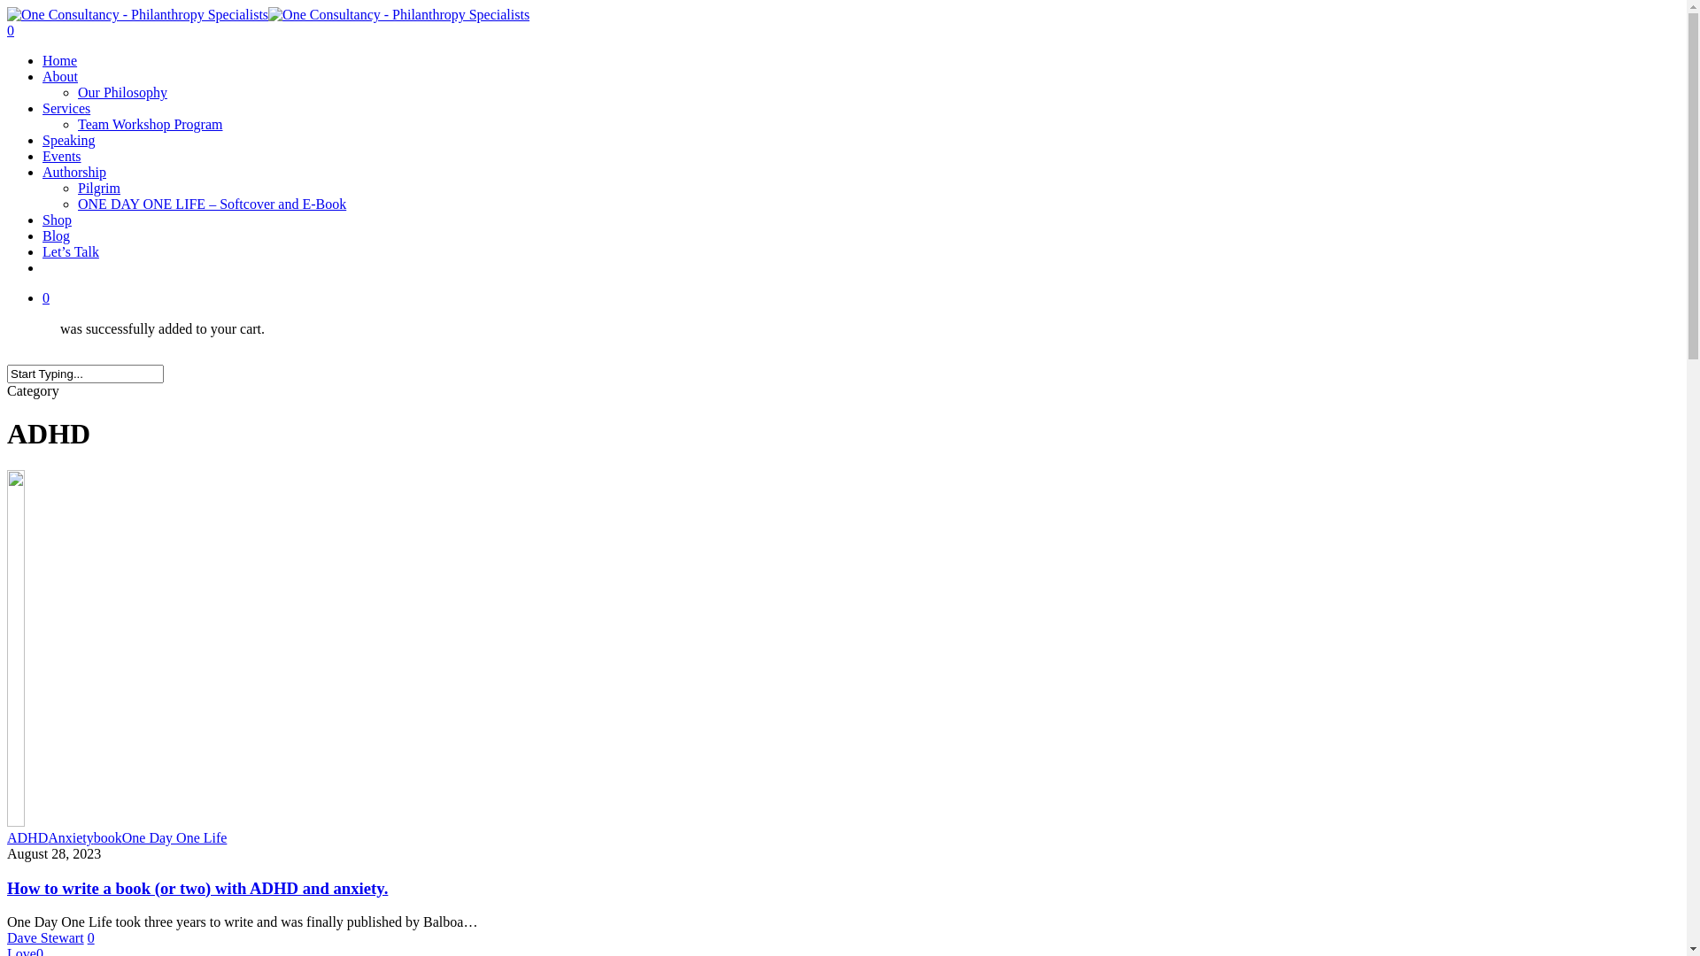 Image resolution: width=1700 pixels, height=956 pixels. I want to click on 'Events', so click(62, 155).